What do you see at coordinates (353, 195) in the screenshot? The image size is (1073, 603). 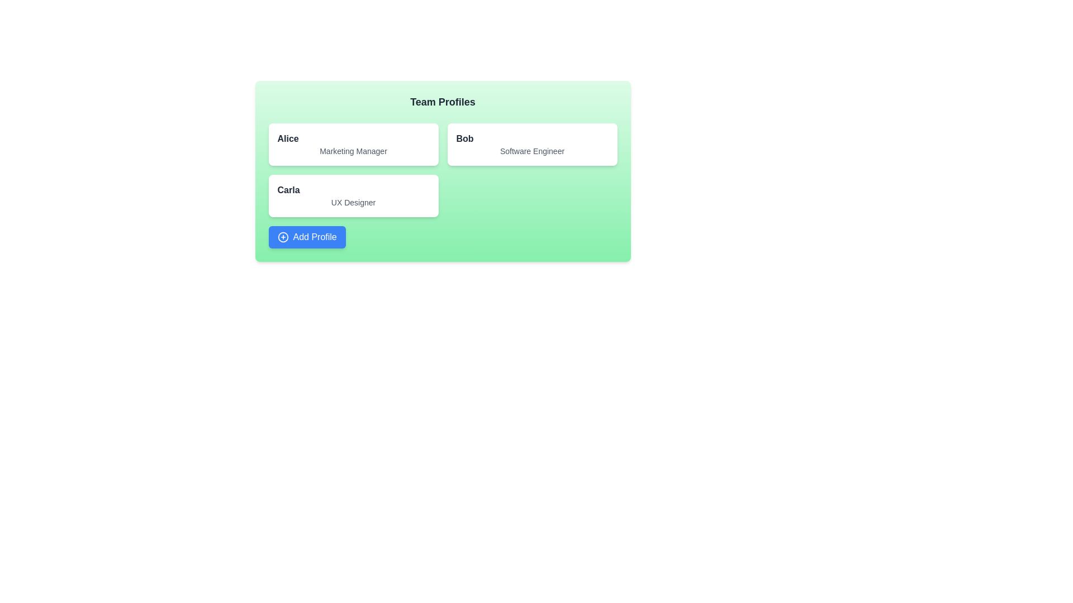 I see `the profile card of Carla to toggle its active state` at bounding box center [353, 195].